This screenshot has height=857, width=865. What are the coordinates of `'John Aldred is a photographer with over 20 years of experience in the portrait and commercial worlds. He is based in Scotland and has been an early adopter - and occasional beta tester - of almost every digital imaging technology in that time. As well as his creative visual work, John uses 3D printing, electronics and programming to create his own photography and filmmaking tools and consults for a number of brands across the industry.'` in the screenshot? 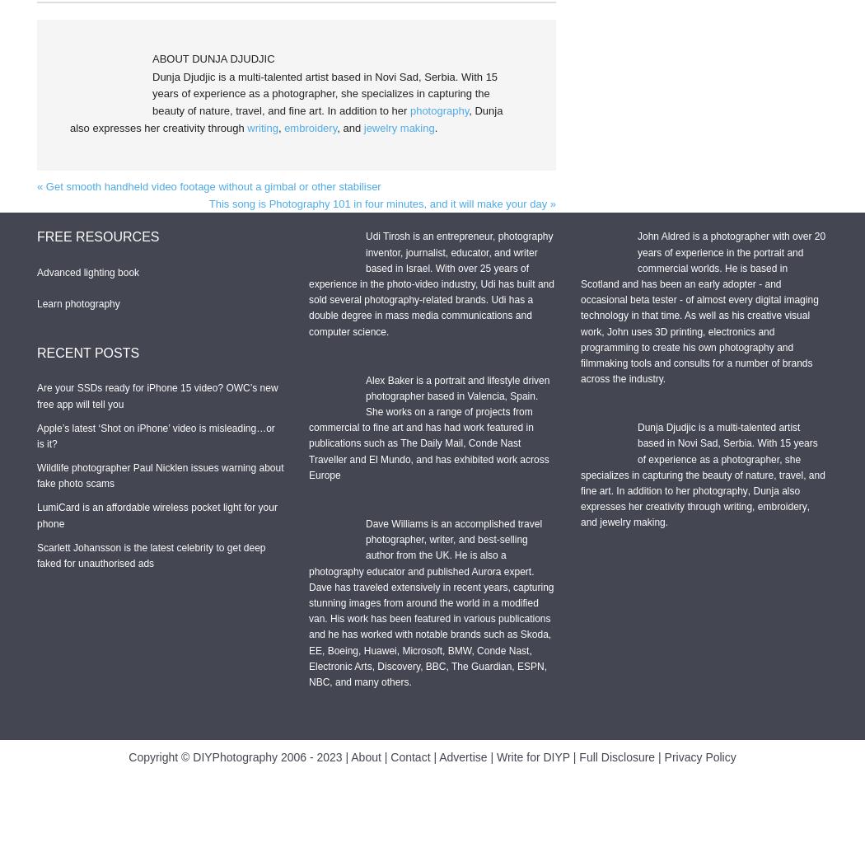 It's located at (703, 307).